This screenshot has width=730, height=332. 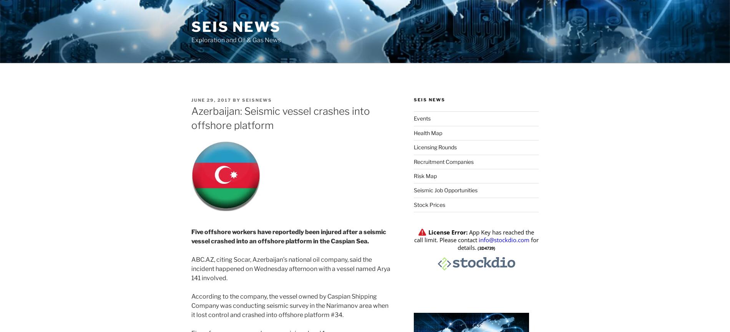 What do you see at coordinates (445, 190) in the screenshot?
I see `'Seismic Job Opportunities'` at bounding box center [445, 190].